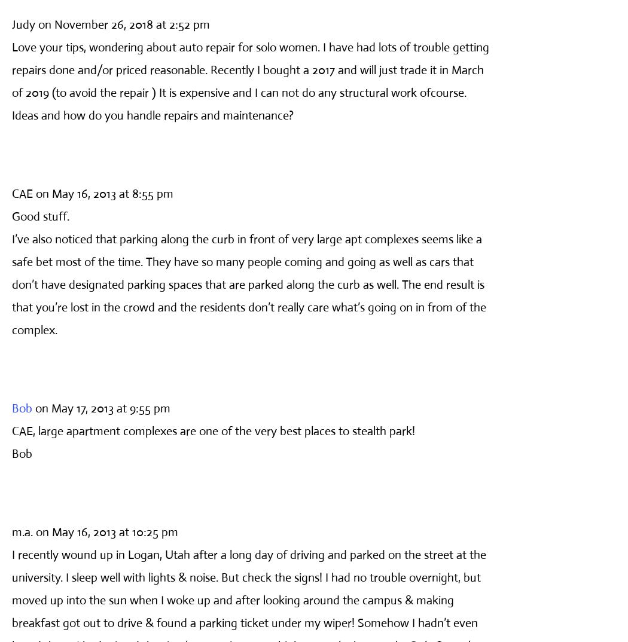 This screenshot has height=642, width=628. I want to click on 'on May 16, 2013 at 10:25 pm', so click(107, 531).